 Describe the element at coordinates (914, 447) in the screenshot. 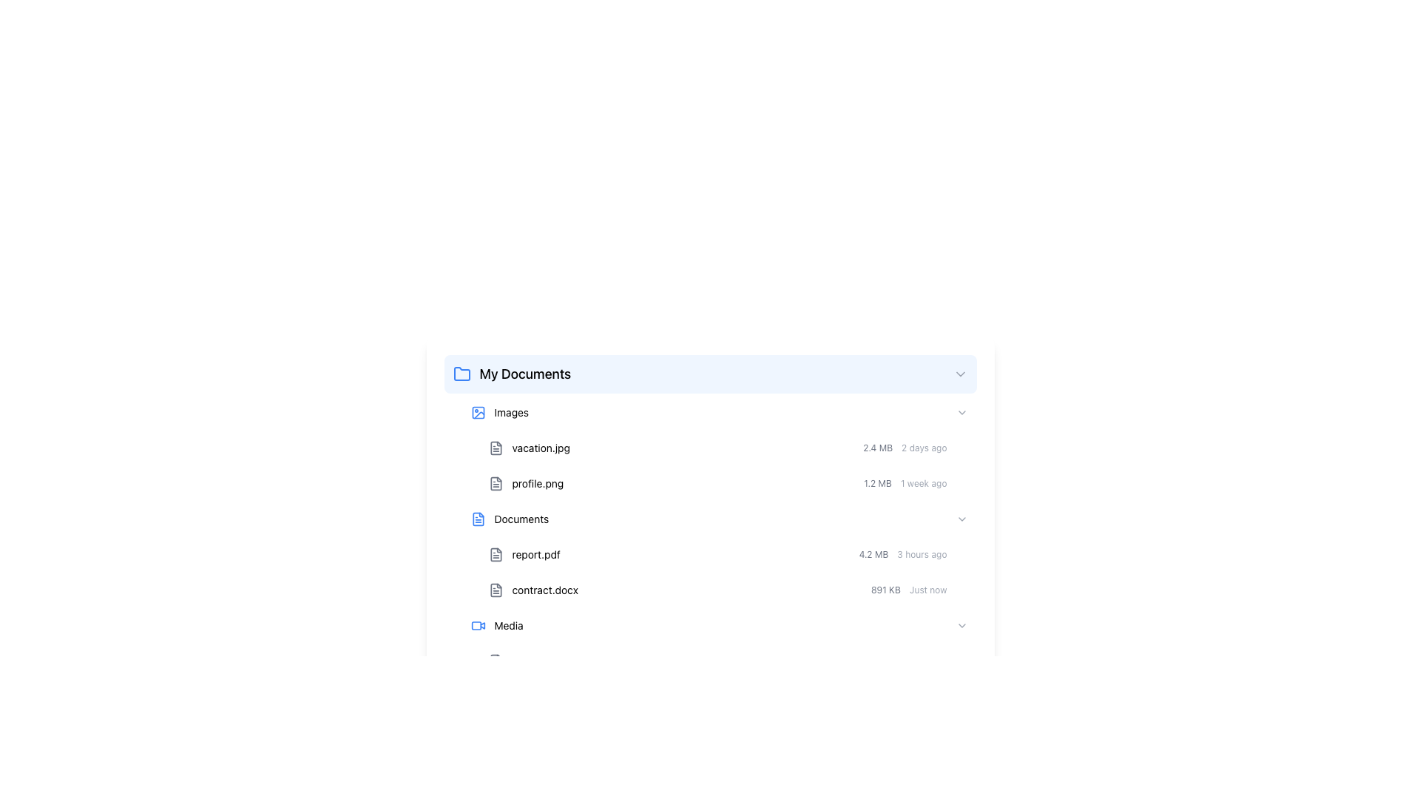

I see `the Text Label displaying '2.4 MB' and '2 days ago', which is positioned to the right of the 'vacation.jpg' filename in the file listing interface` at that location.